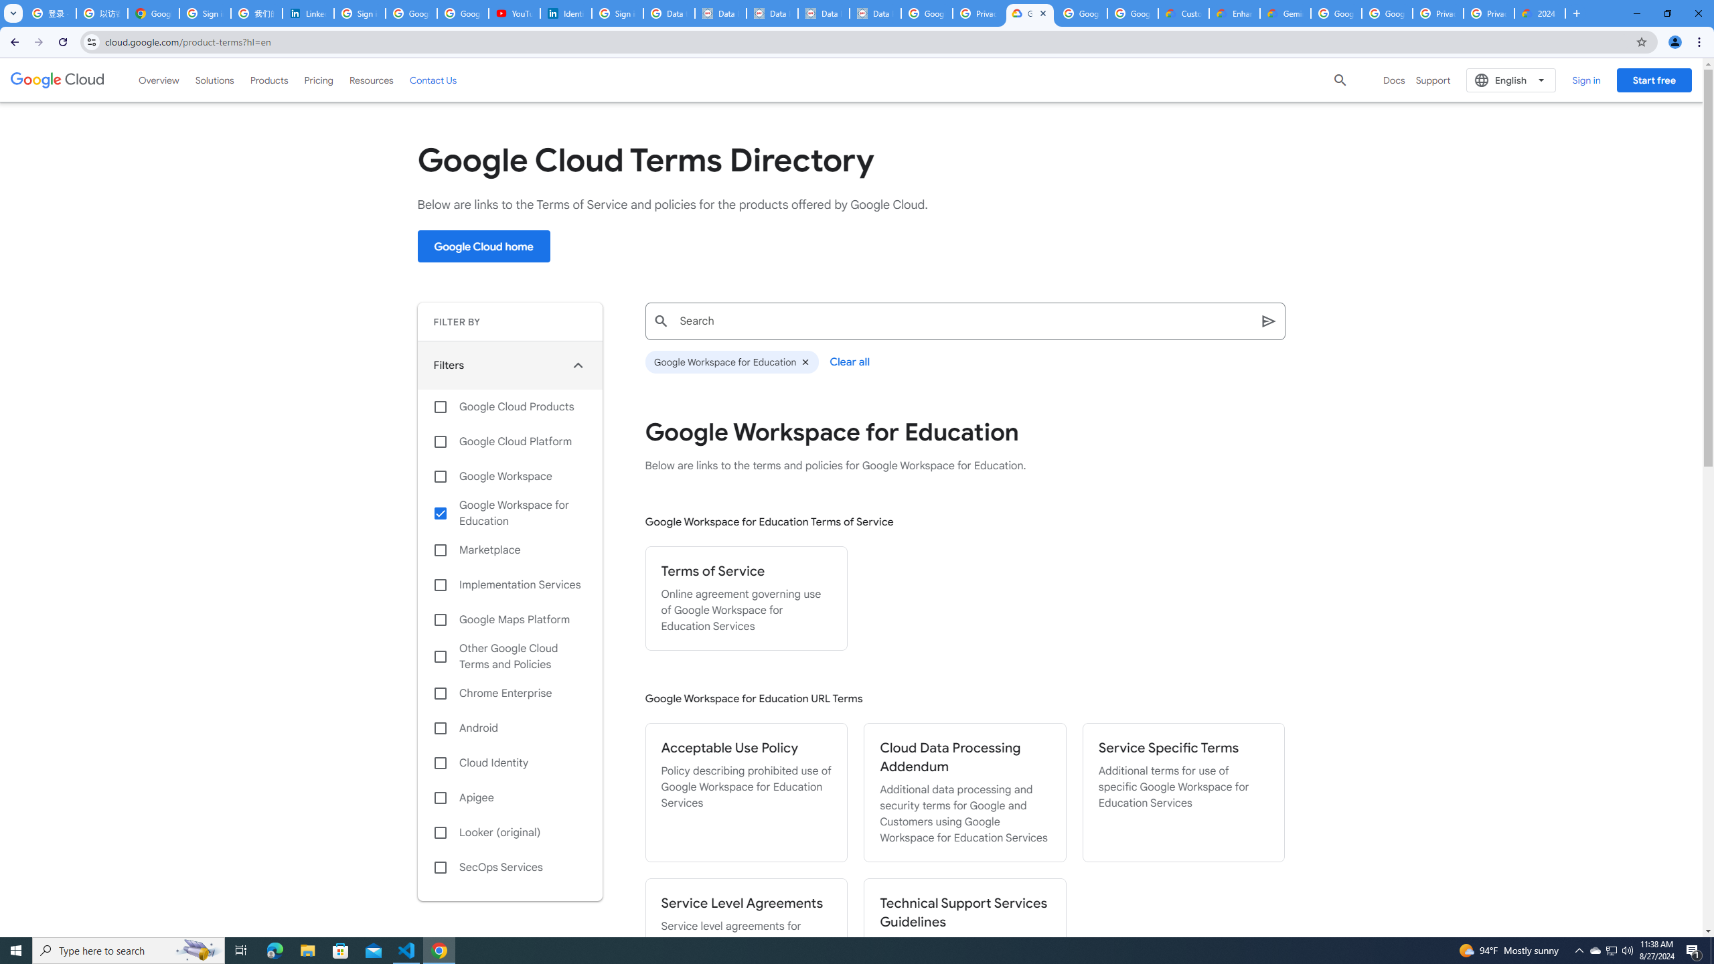 The height and width of the screenshot is (964, 1714). Describe the element at coordinates (1433, 79) in the screenshot. I see `'Support'` at that location.